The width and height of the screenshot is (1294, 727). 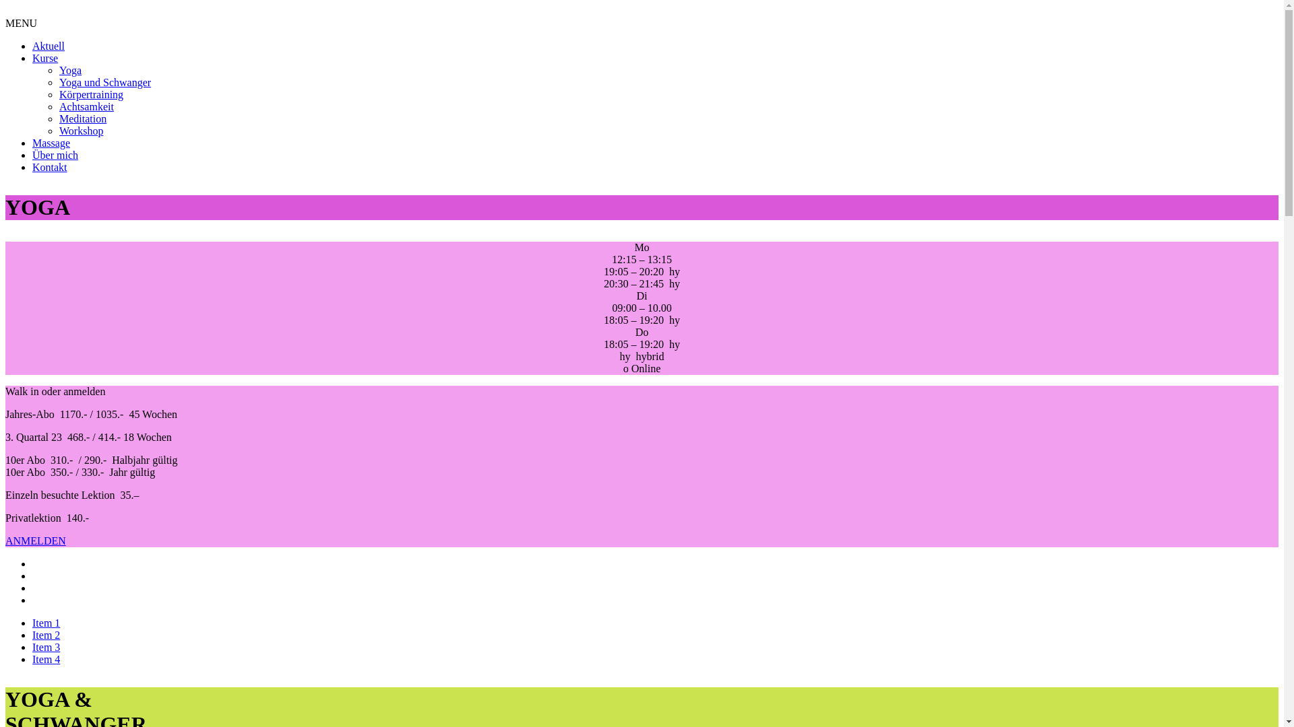 What do you see at coordinates (46, 635) in the screenshot?
I see `'Item 2'` at bounding box center [46, 635].